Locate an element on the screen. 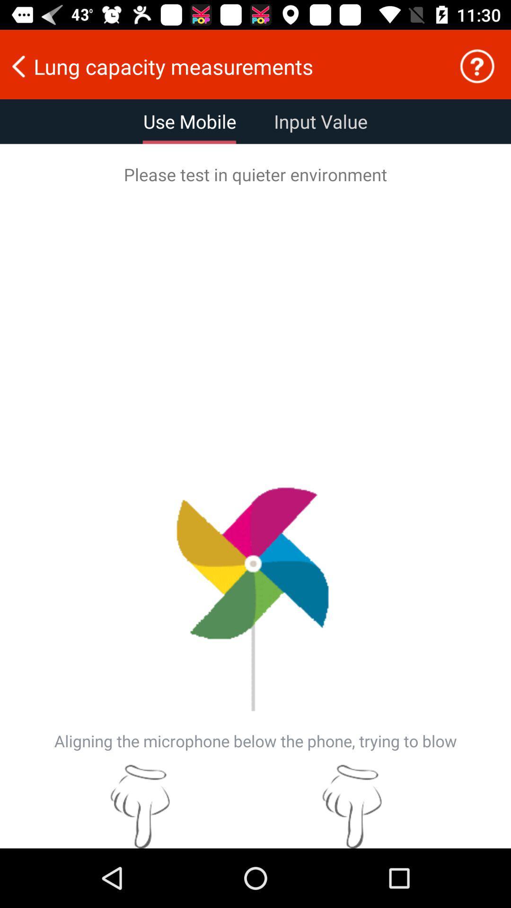 This screenshot has width=511, height=908. the icon next to use mobile item is located at coordinates (320, 121).